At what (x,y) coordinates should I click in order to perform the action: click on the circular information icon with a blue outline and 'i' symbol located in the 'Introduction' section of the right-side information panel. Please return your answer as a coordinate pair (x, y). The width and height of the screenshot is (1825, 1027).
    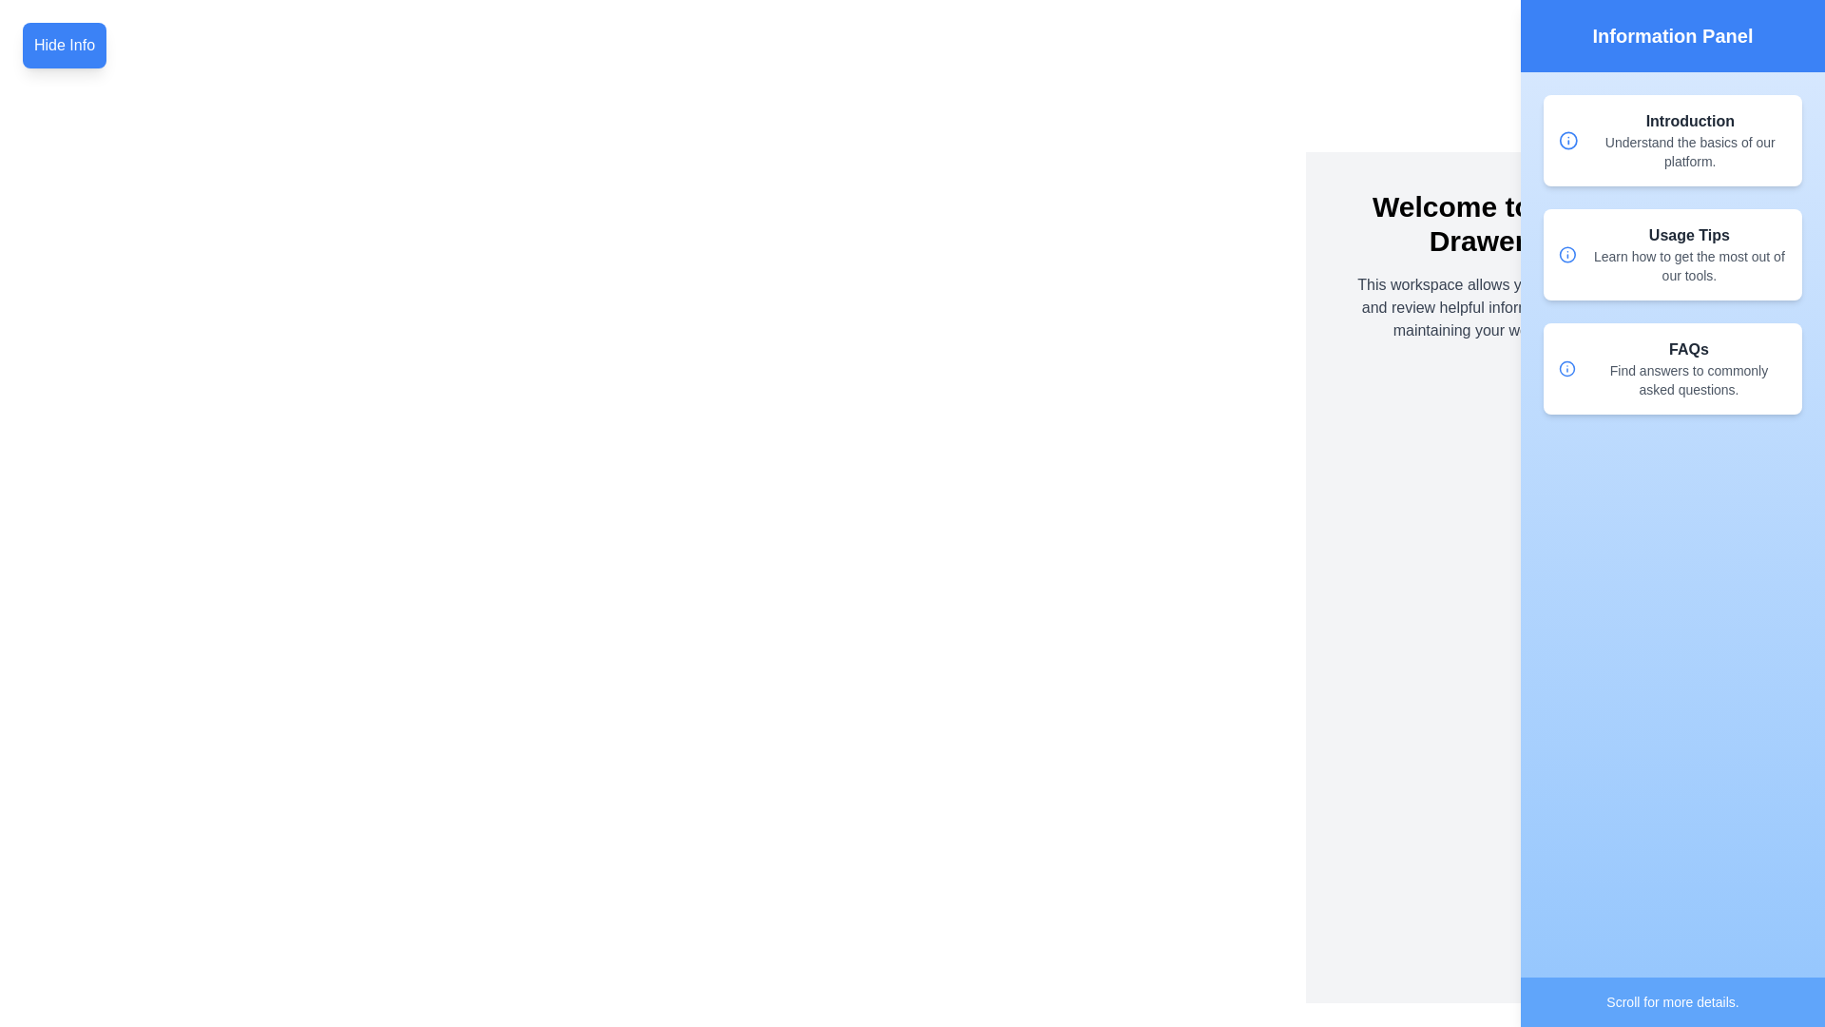
    Looking at the image, I should click on (1568, 139).